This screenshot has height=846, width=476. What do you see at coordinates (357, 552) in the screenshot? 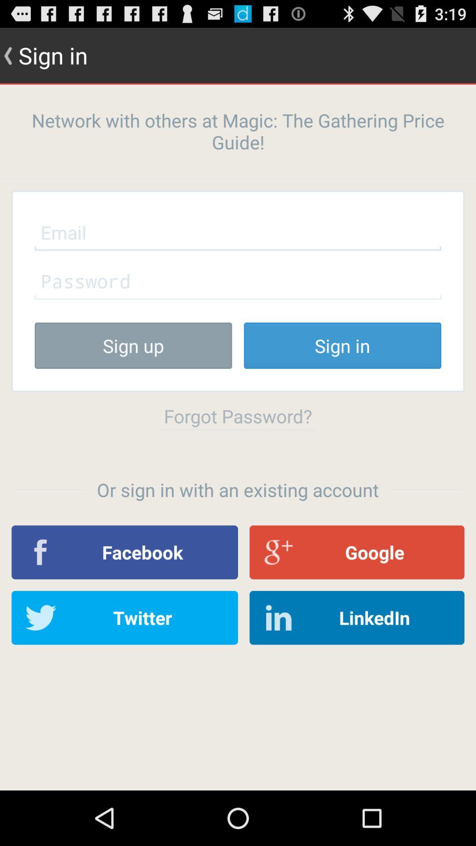
I see `icon to the right of the facebook app` at bounding box center [357, 552].